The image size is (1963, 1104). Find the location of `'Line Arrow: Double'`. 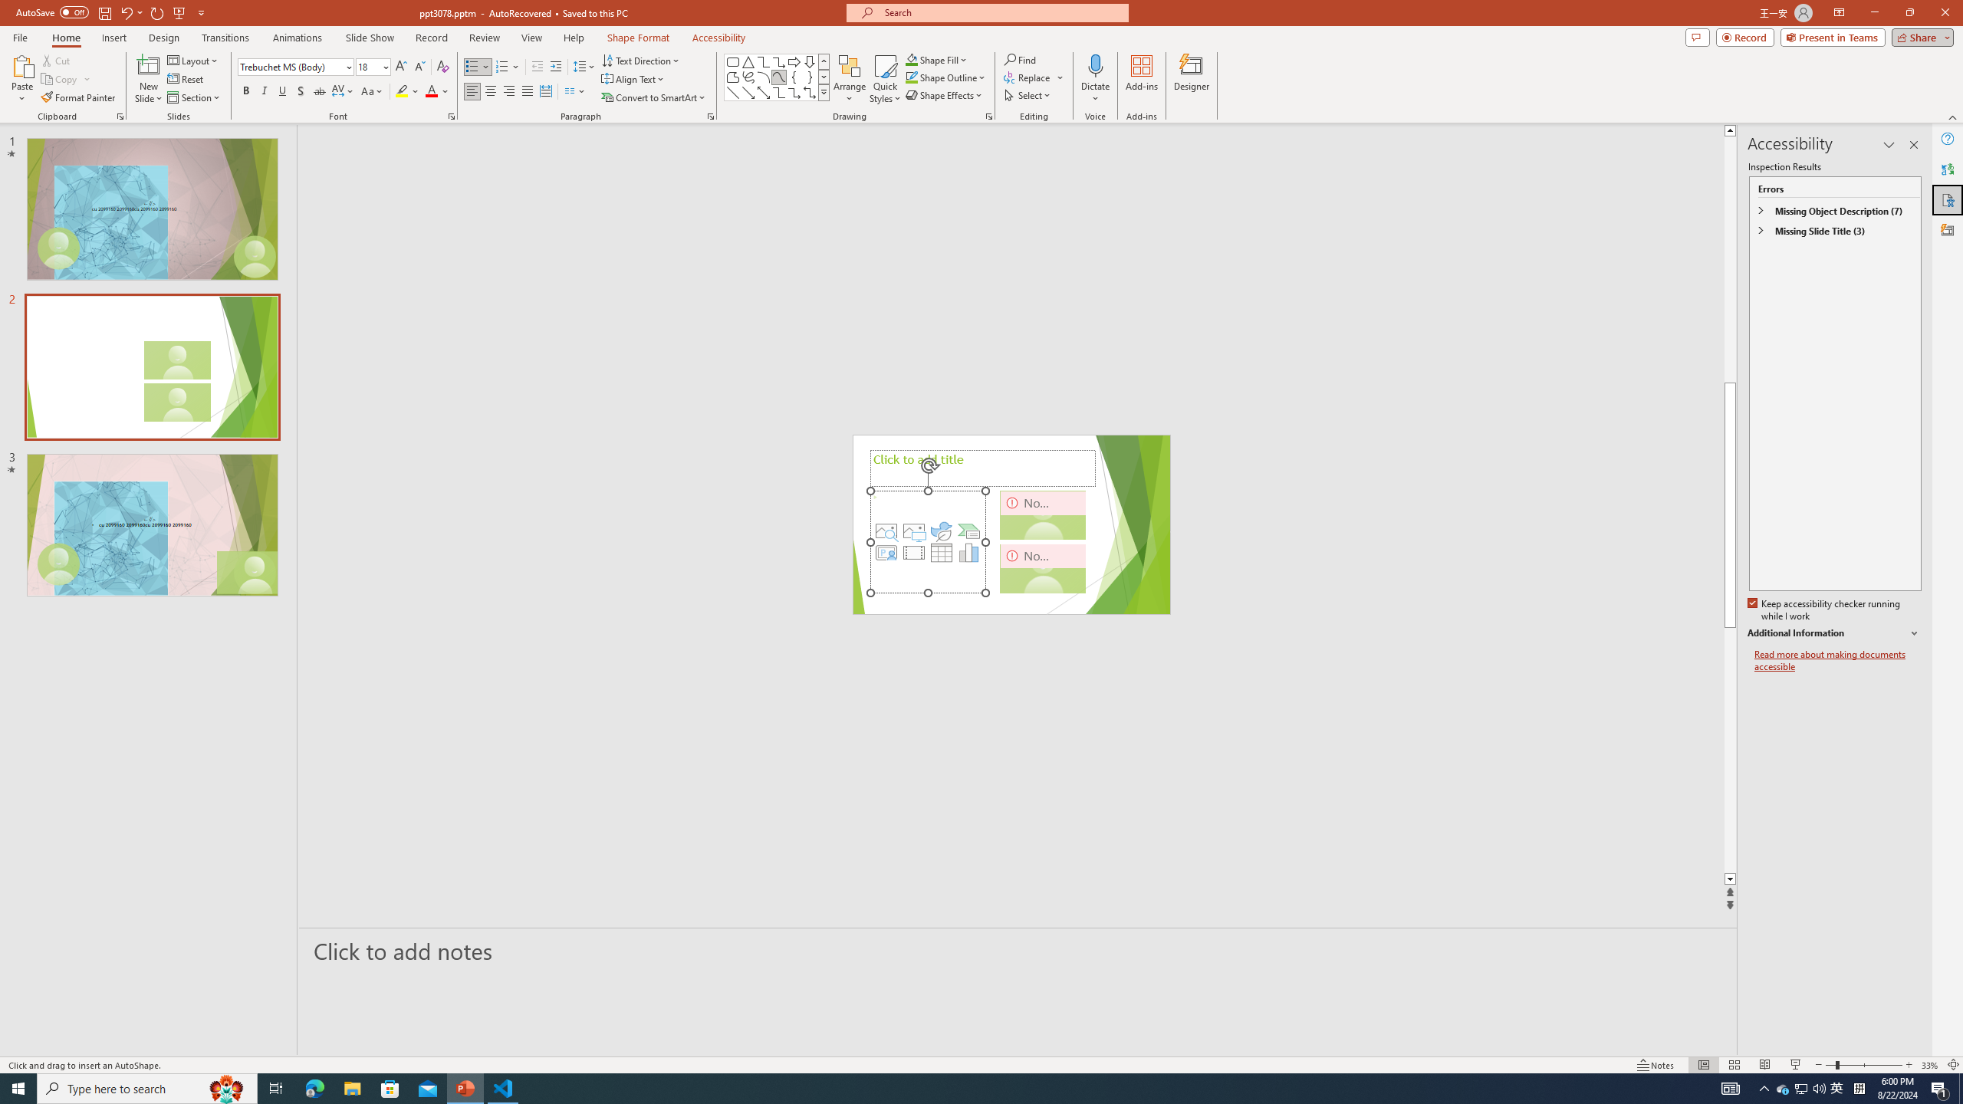

'Line Arrow: Double' is located at coordinates (762, 91).